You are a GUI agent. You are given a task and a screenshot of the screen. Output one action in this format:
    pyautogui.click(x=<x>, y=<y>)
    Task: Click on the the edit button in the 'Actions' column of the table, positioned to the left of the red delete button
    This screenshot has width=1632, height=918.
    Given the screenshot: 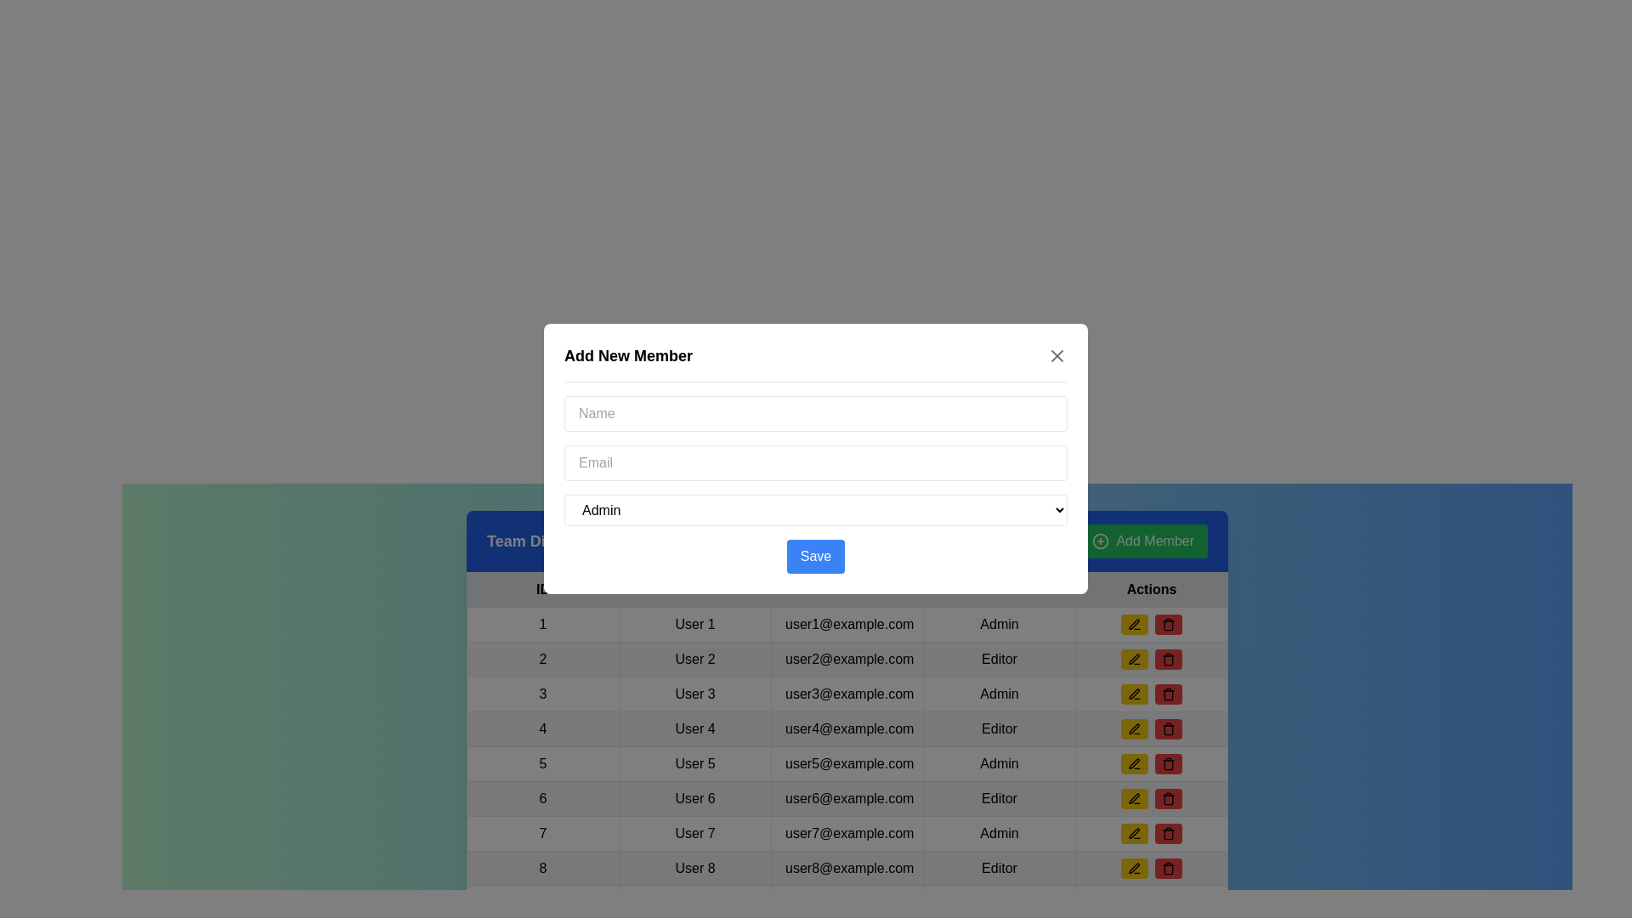 What is the action you would take?
    pyautogui.click(x=1134, y=728)
    